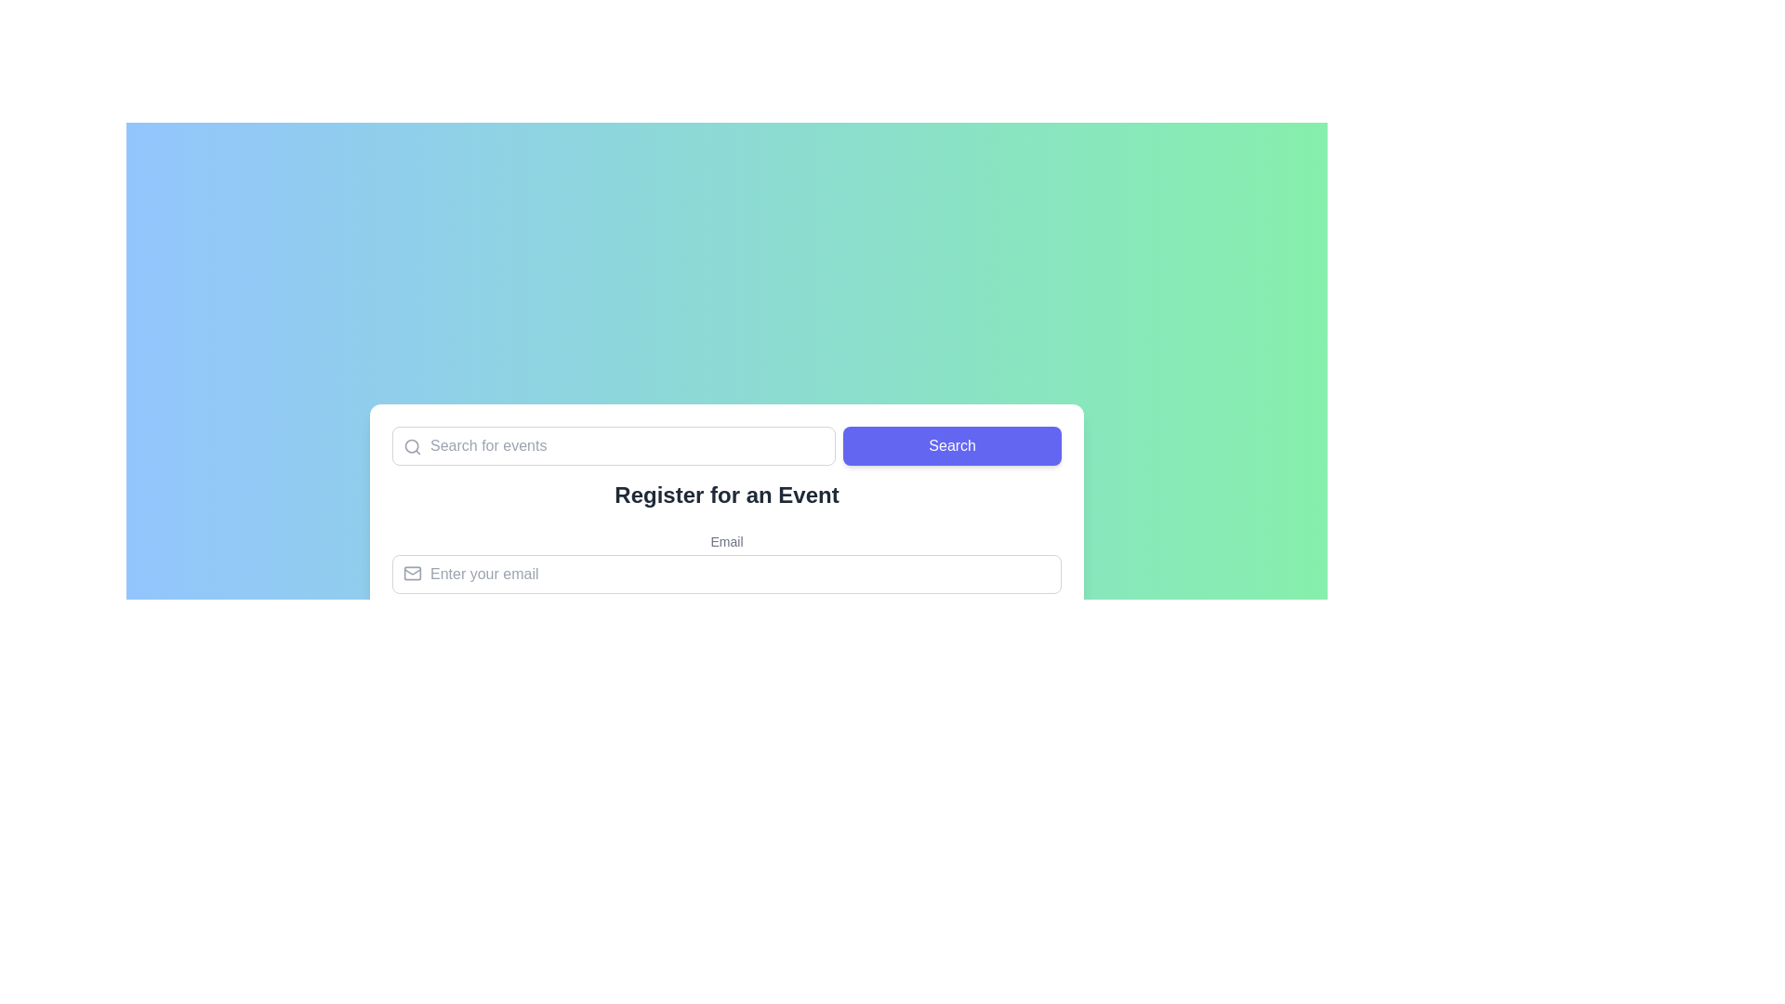  What do you see at coordinates (726, 494) in the screenshot?
I see `the header text element, which serves as a descriptive title for the form and is positioned between a search input/button and an email input field` at bounding box center [726, 494].